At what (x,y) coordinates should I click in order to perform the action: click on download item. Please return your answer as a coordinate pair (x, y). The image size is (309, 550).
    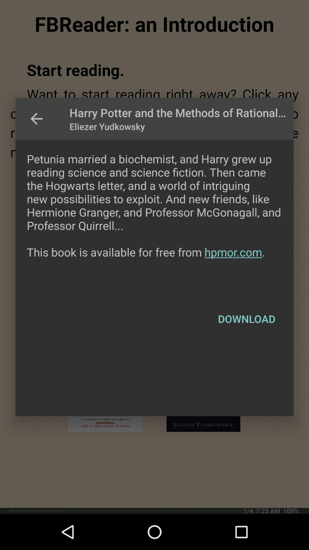
    Looking at the image, I should click on (246, 319).